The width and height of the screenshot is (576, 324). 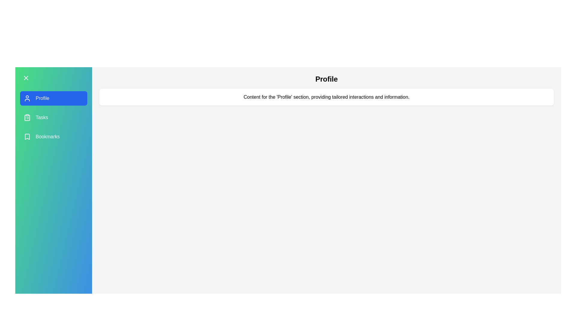 I want to click on the menu item labeled Profile to highlight it, so click(x=53, y=98).